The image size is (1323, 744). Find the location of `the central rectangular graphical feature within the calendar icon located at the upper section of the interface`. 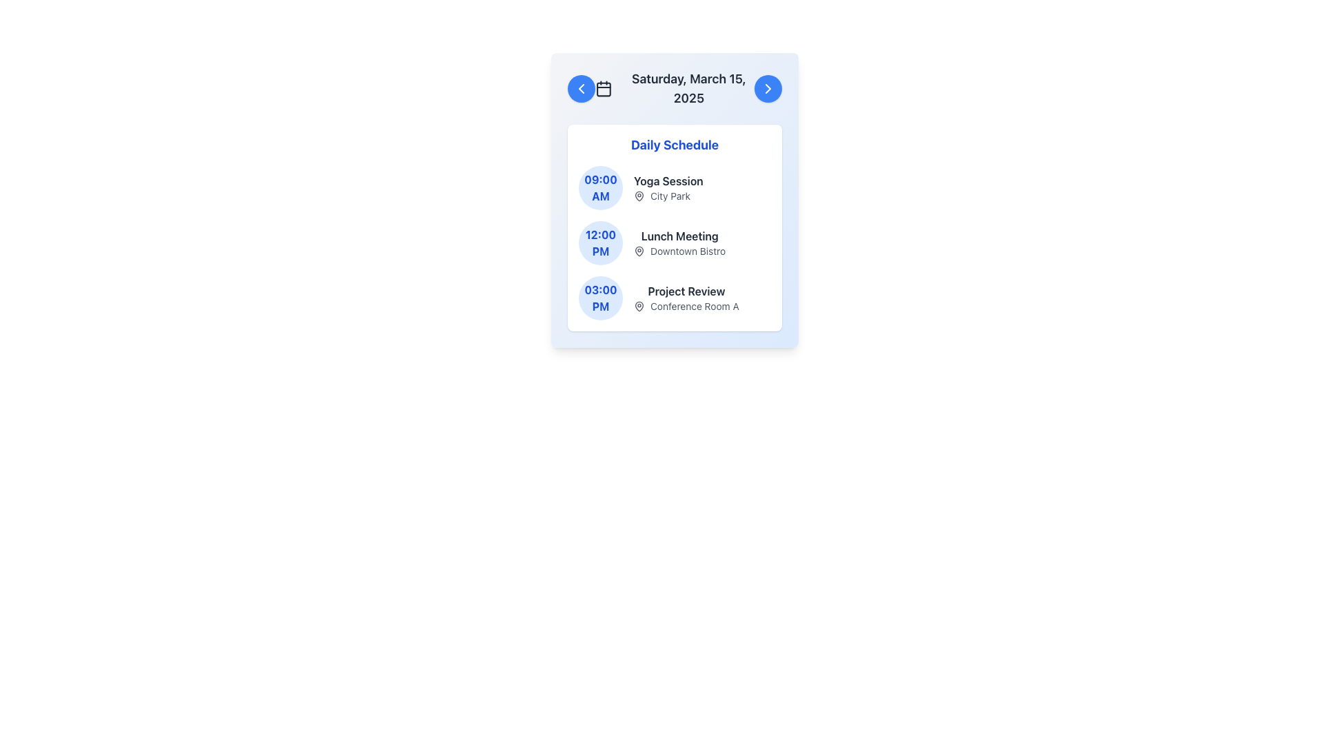

the central rectangular graphical feature within the calendar icon located at the upper section of the interface is located at coordinates (604, 90).